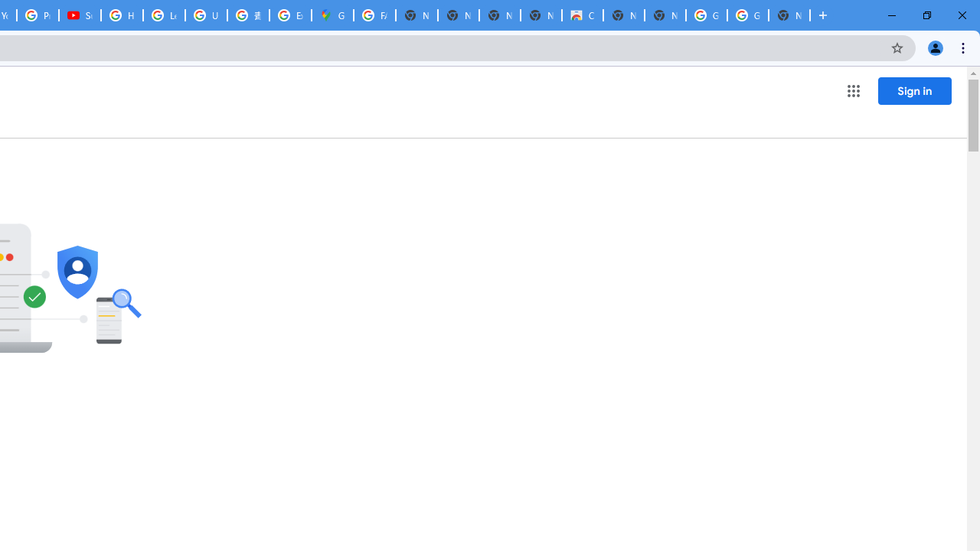  I want to click on 'Subscriptions - YouTube', so click(79, 15).